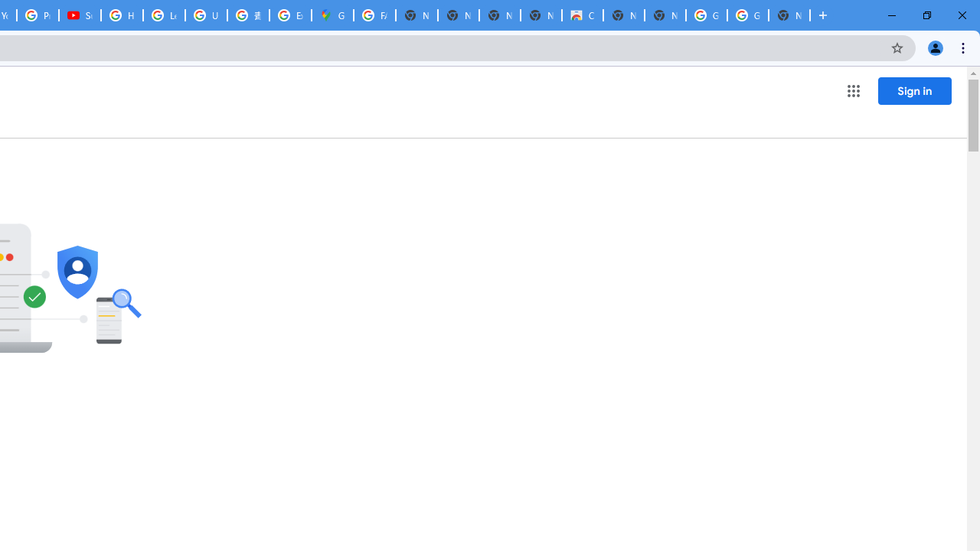  I want to click on 'Subscriptions - YouTube', so click(79, 15).